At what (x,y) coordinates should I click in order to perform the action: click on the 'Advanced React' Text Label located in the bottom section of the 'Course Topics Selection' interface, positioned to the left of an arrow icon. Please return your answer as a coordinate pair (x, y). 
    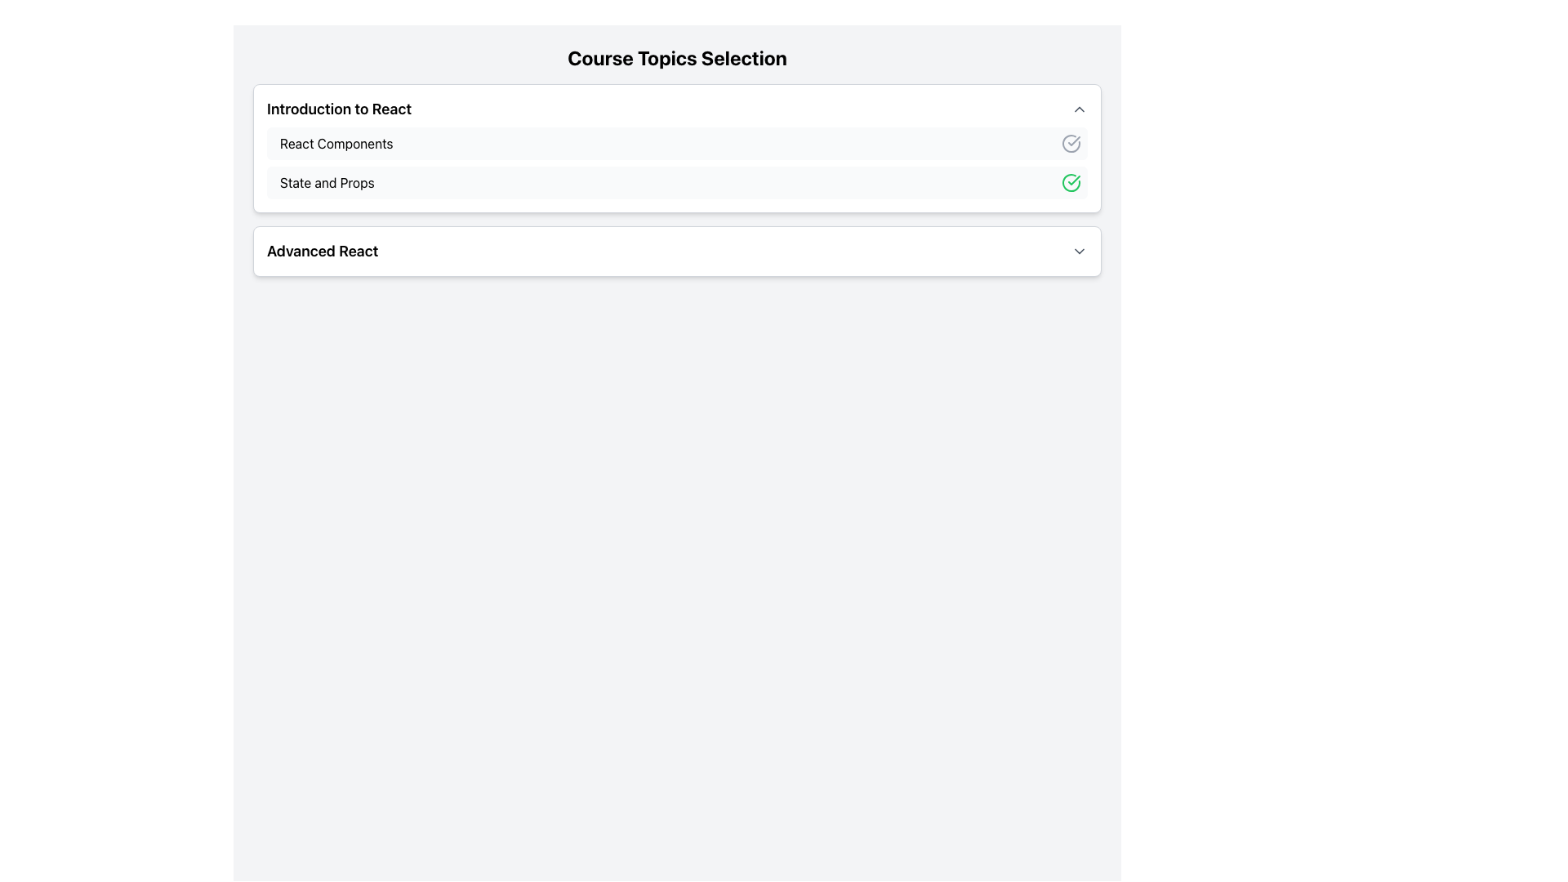
    Looking at the image, I should click on (323, 252).